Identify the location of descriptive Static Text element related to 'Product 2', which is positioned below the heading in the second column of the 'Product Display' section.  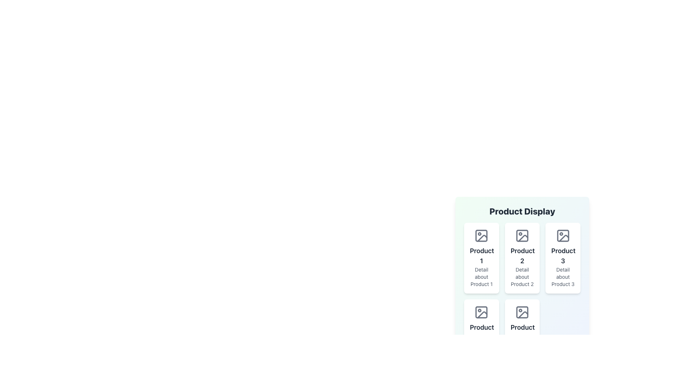
(522, 277).